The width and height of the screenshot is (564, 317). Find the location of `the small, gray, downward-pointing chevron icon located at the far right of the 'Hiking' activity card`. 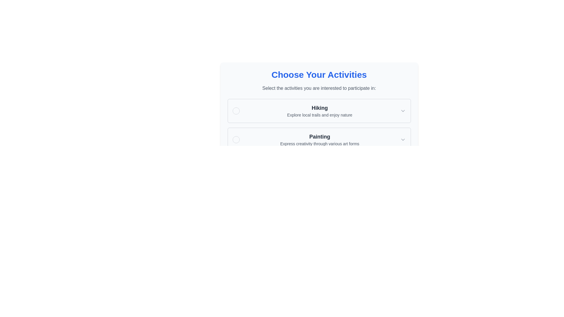

the small, gray, downward-pointing chevron icon located at the far right of the 'Hiking' activity card is located at coordinates (402, 111).